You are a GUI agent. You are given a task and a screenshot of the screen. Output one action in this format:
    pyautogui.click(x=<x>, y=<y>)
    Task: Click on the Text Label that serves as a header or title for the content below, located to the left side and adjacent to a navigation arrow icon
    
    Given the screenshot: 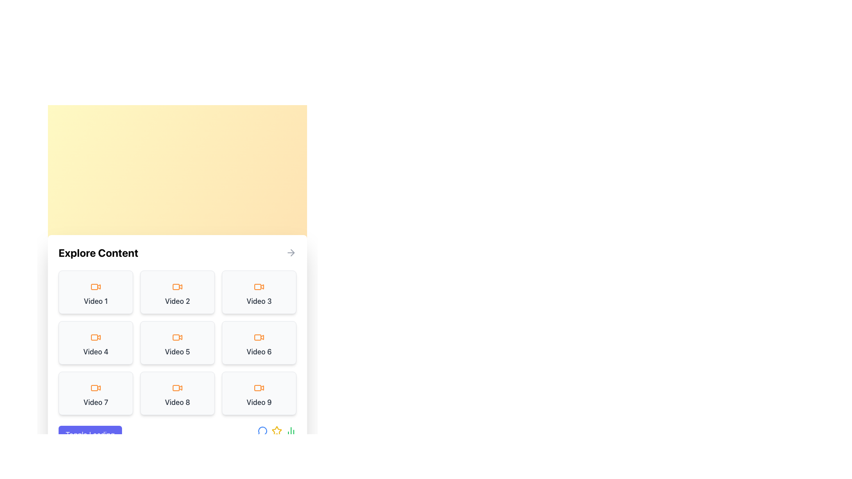 What is the action you would take?
    pyautogui.click(x=98, y=253)
    